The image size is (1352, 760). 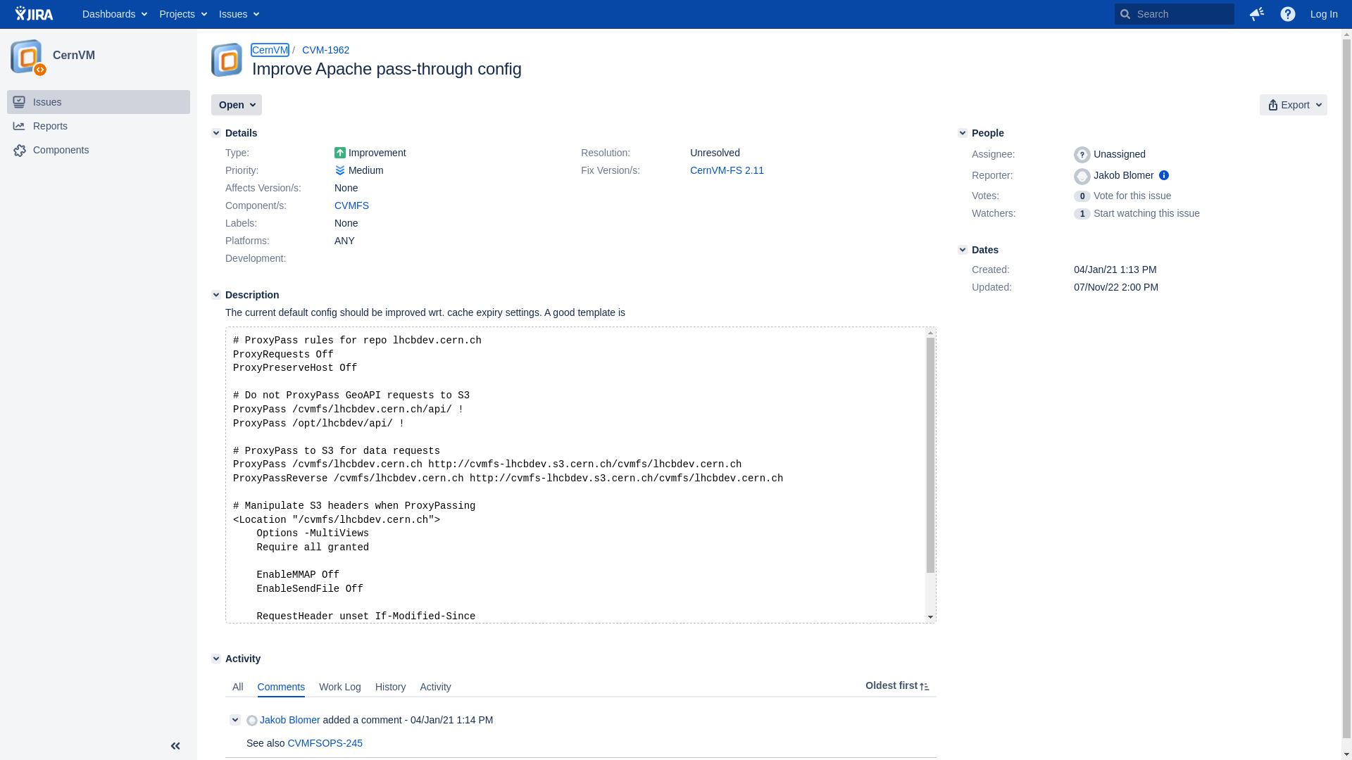 What do you see at coordinates (452, 719) in the screenshot?
I see `'04/Jan/21 1:14 PM'` at bounding box center [452, 719].